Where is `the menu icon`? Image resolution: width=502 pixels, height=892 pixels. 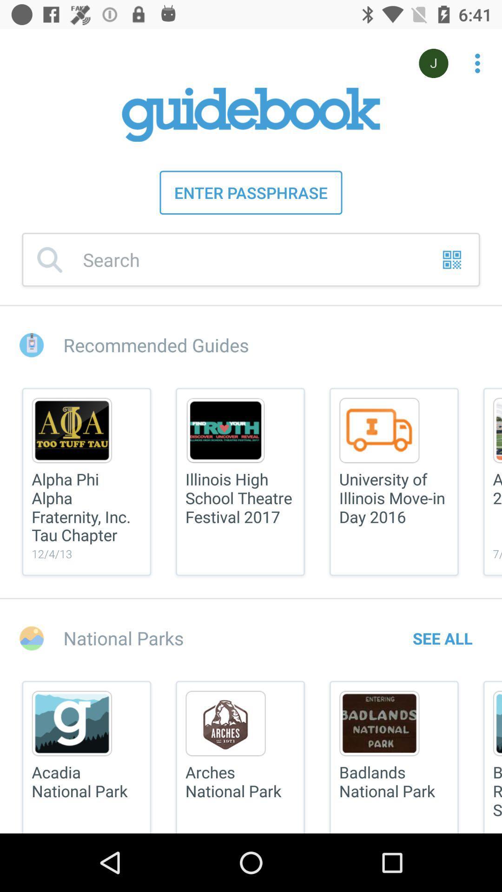 the menu icon is located at coordinates (492, 482).